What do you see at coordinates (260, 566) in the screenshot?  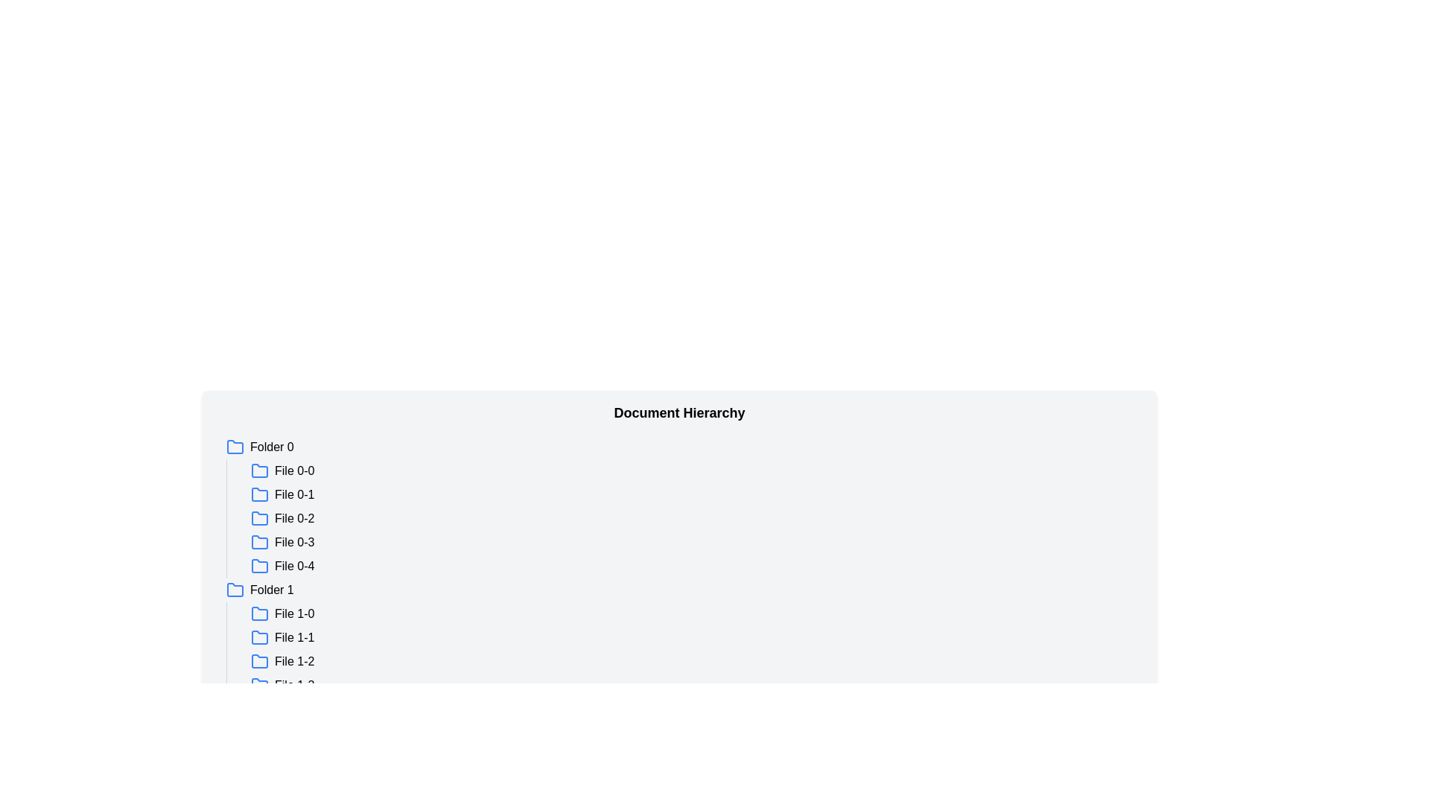 I see `the folder icon located to the left of the text 'File 0-4', which serves as a visual cue for folder categorization` at bounding box center [260, 566].